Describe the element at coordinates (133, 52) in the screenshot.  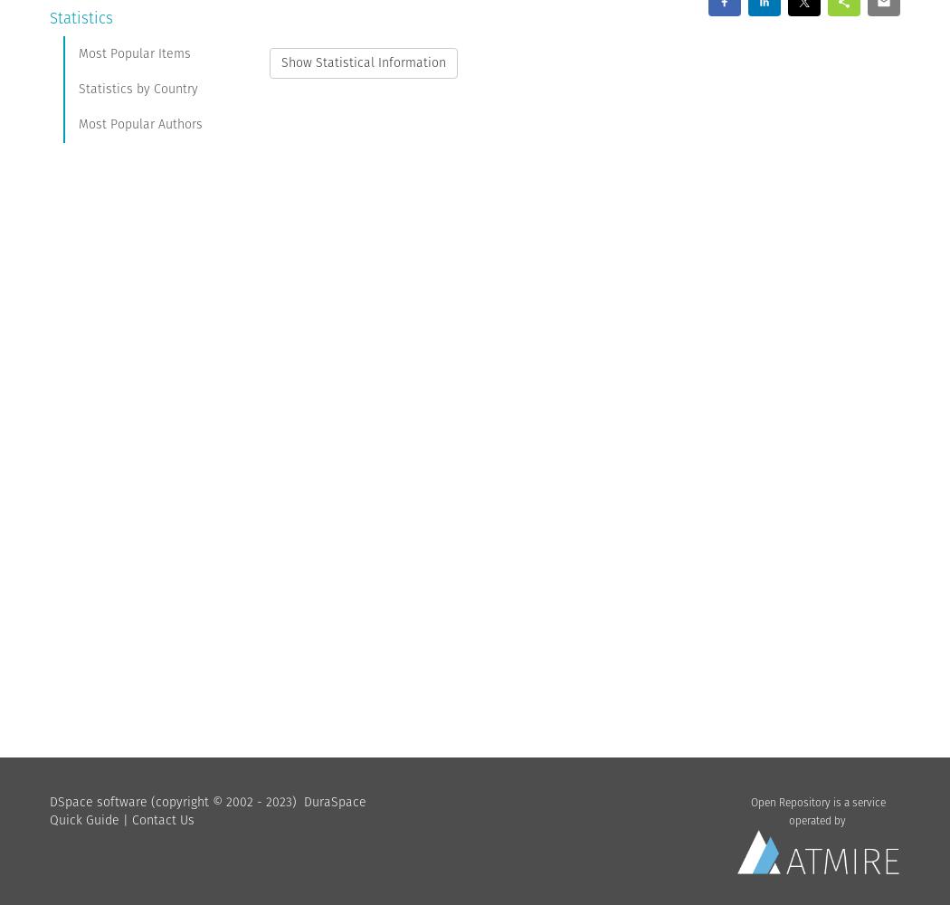
I see `'Most Popular Items'` at that location.